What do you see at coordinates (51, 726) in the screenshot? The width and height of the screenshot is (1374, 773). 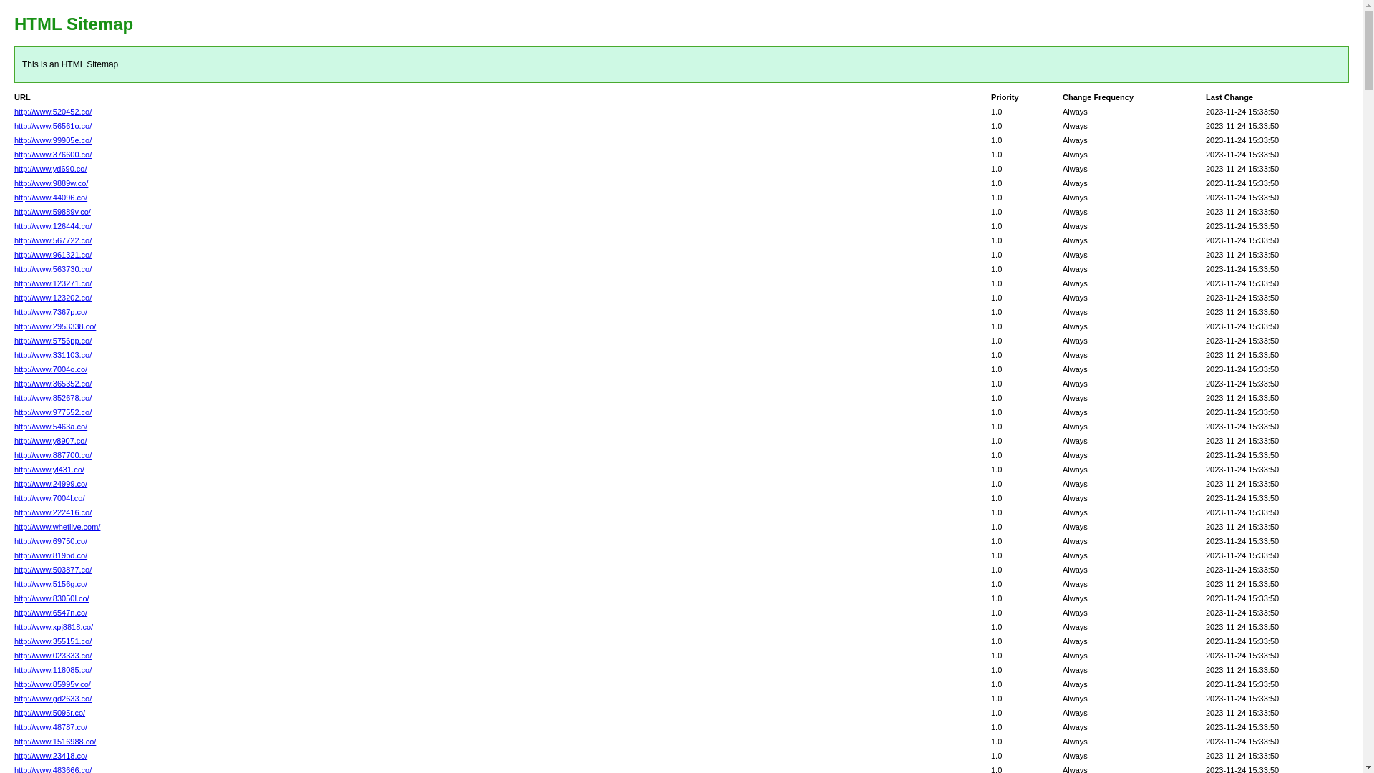 I see `'http://www.48787.co/'` at bounding box center [51, 726].